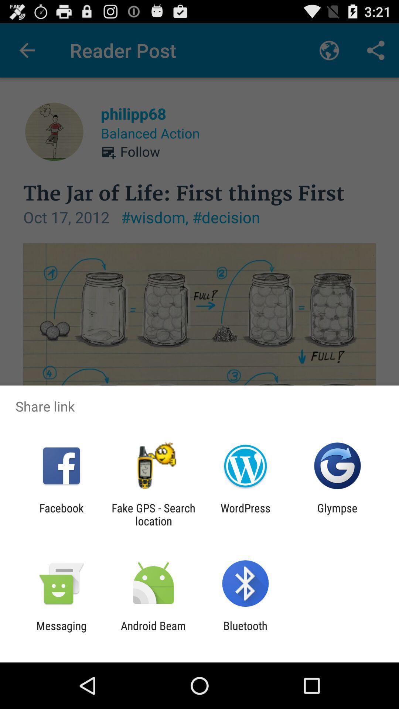  I want to click on app next to fake gps search item, so click(61, 514).